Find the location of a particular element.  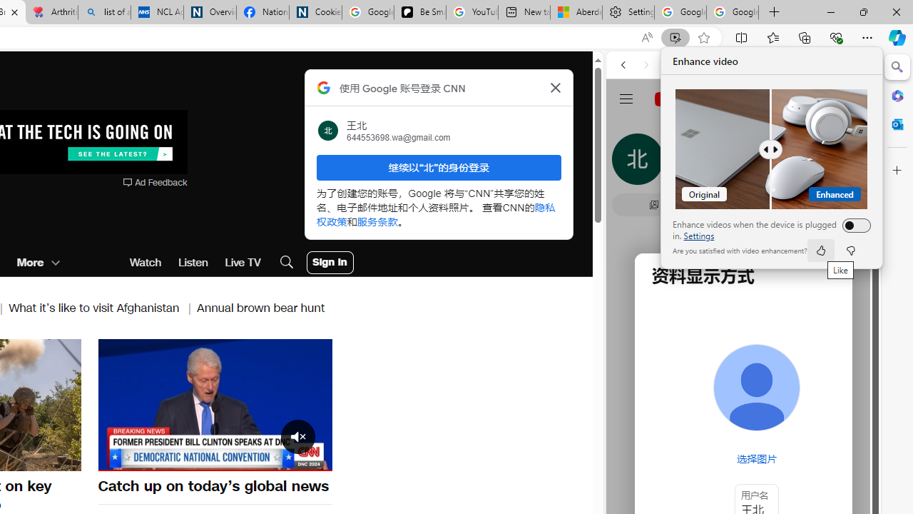

'dislike' is located at coordinates (850, 250).